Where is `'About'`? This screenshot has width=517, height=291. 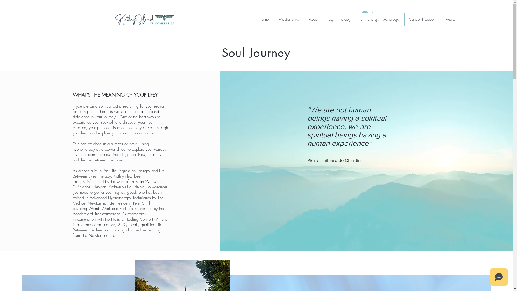
'About' is located at coordinates (314, 19).